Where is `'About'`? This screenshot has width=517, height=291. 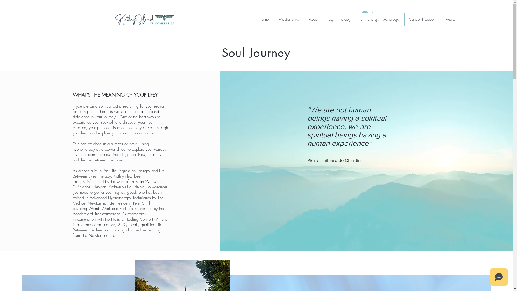
'About' is located at coordinates (314, 19).